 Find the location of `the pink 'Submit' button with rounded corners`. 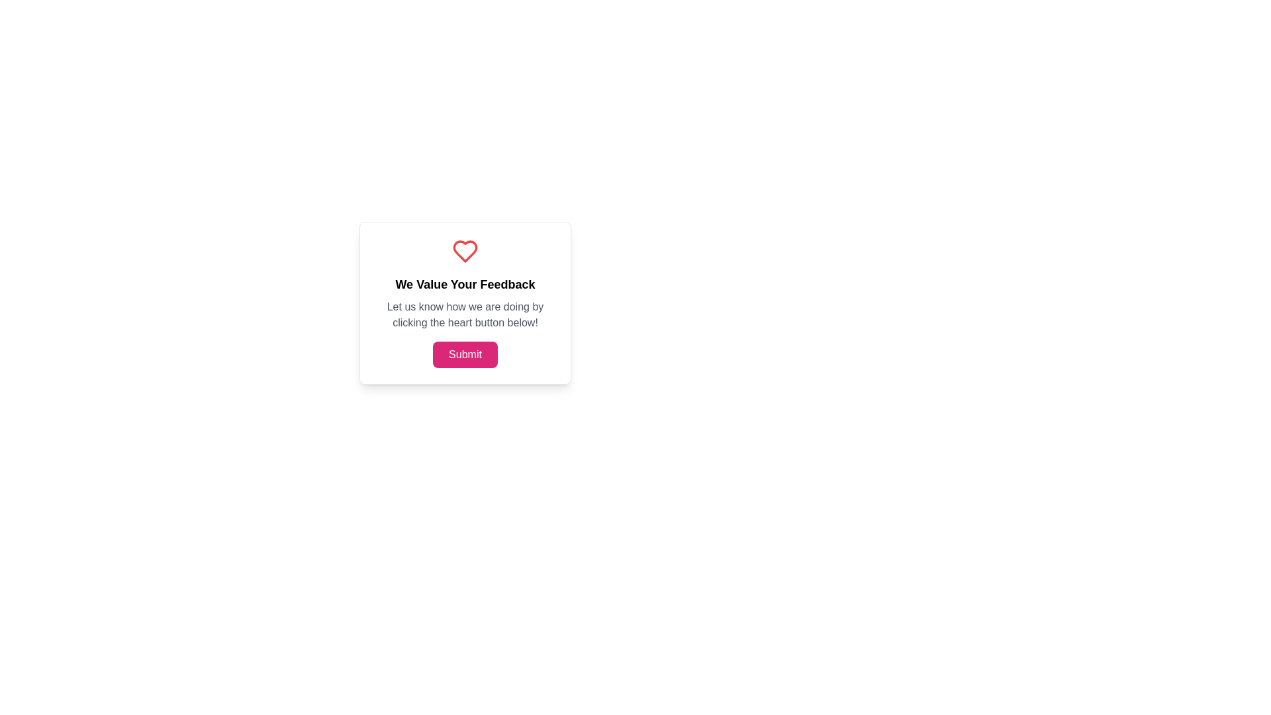

the pink 'Submit' button with rounded corners is located at coordinates (465, 354).